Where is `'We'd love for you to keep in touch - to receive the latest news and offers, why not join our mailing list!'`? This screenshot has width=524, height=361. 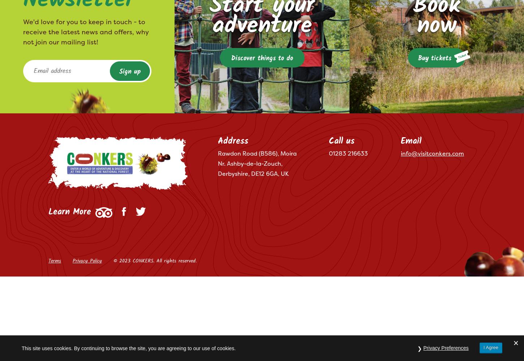
'We'd love for you to keep in touch - to receive the latest news and offers, why not join our mailing list!' is located at coordinates (23, 31).